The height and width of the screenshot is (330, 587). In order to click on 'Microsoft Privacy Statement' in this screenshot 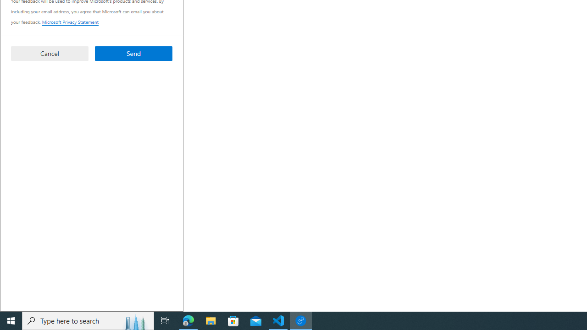, I will do `click(69, 22)`.